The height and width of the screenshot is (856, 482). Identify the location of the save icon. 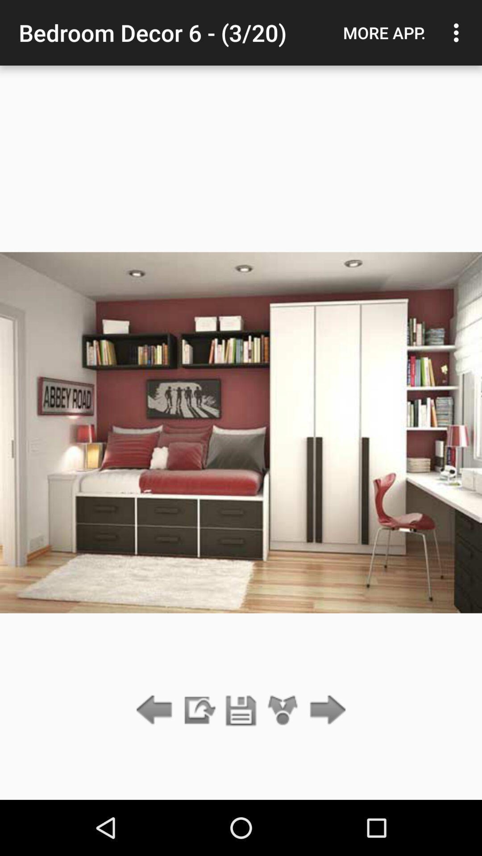
(241, 710).